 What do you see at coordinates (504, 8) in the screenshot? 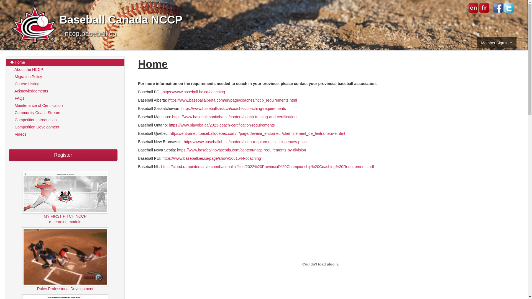
I see `' on Twitter'` at bounding box center [504, 8].